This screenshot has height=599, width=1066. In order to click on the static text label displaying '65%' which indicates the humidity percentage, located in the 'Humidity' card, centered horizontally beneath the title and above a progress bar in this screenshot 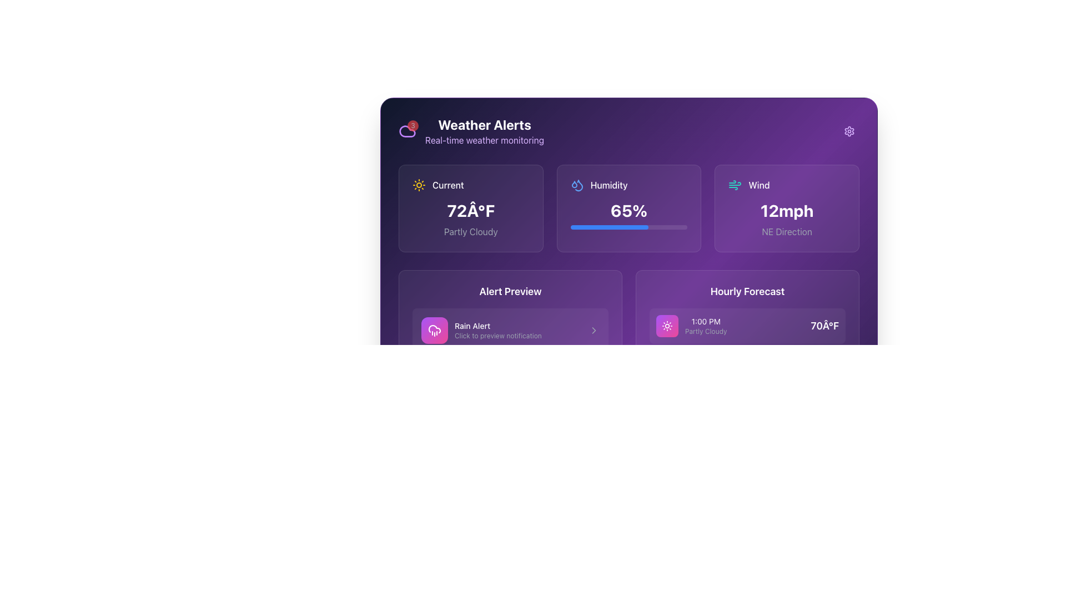, I will do `click(628, 211)`.